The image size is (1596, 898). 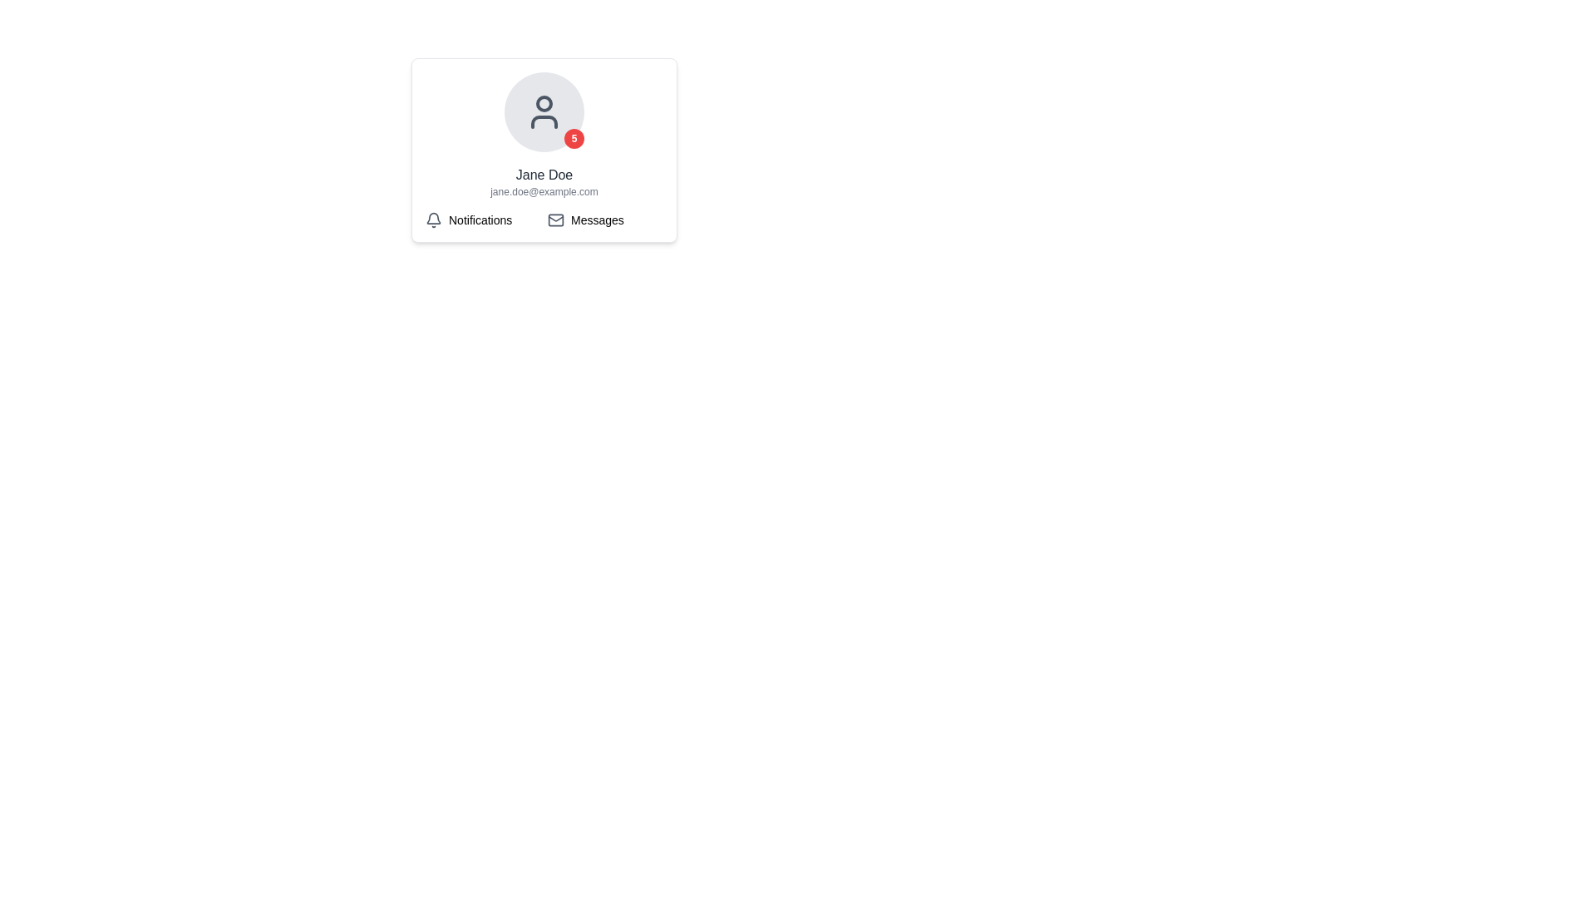 I want to click on the static text block displaying the user's email address, located below the 'Jane Doe' bold text field and above the 'Notifications' and 'Messages' options in the profile section, so click(x=544, y=191).